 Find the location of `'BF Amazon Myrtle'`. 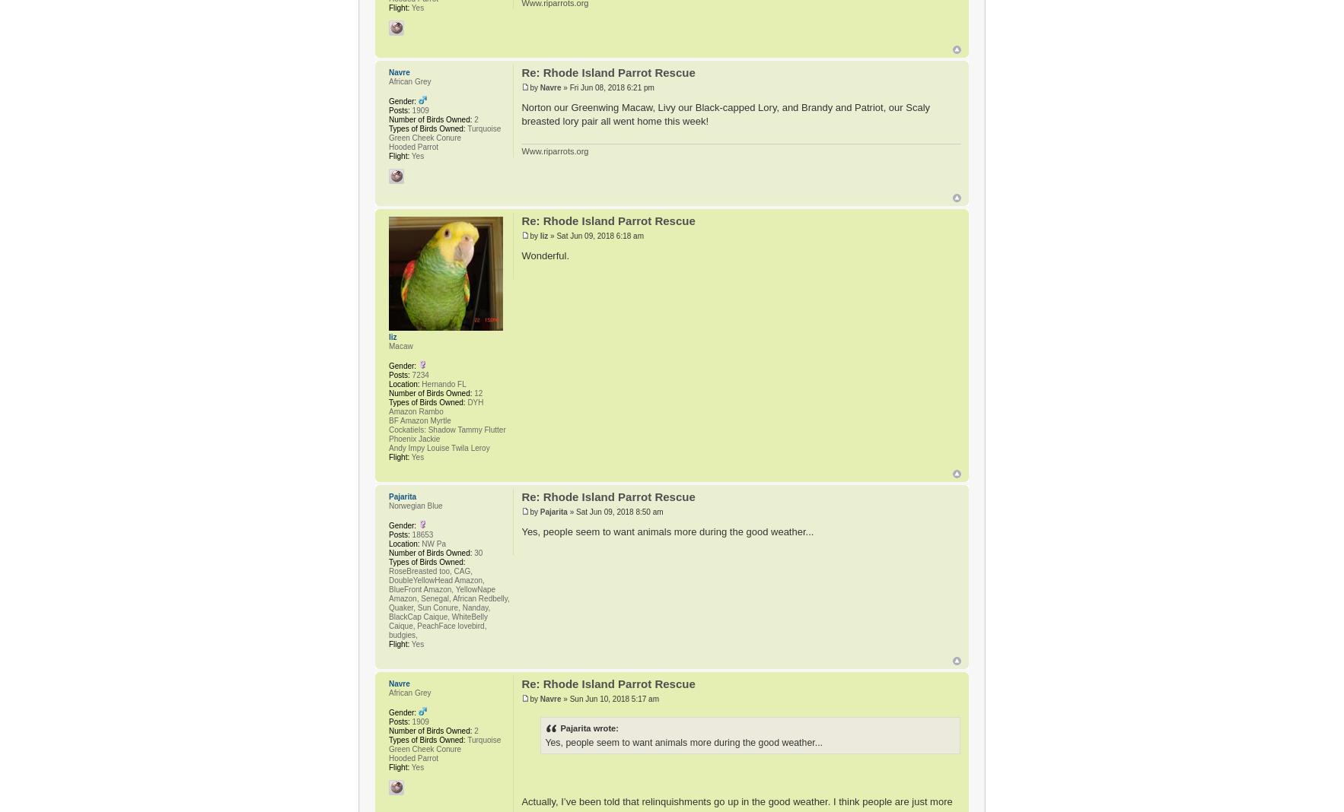

'BF Amazon Myrtle' is located at coordinates (389, 420).